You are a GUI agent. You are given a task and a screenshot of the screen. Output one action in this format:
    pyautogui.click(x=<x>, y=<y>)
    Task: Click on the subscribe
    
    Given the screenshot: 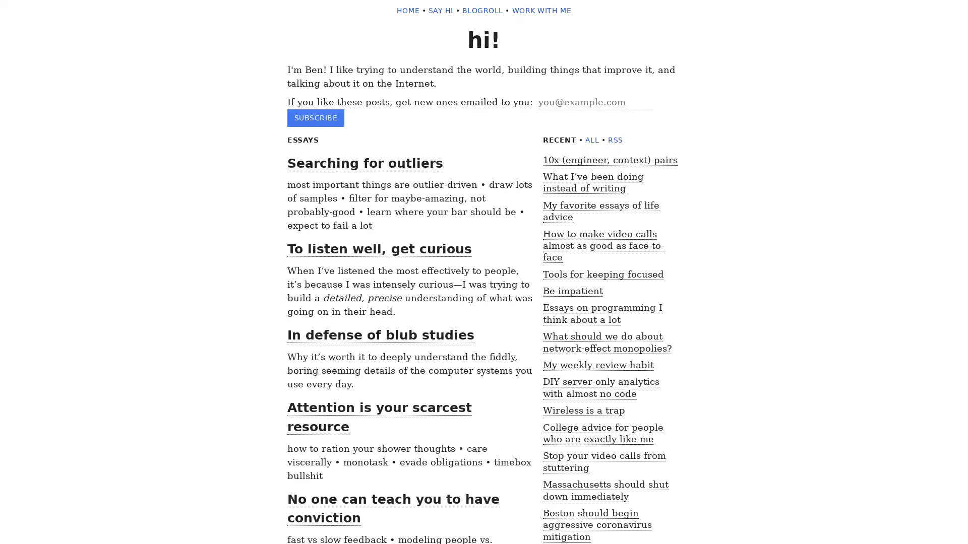 What is the action you would take?
    pyautogui.click(x=315, y=117)
    